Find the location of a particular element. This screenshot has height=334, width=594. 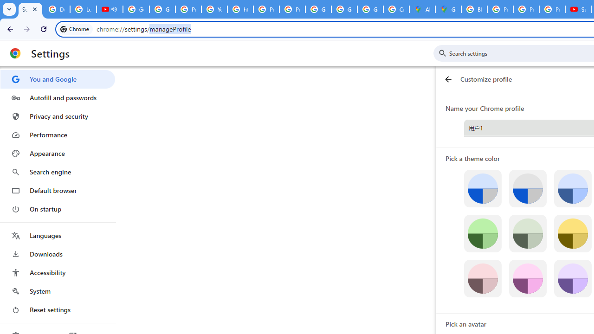

'On startup' is located at coordinates (57, 209).